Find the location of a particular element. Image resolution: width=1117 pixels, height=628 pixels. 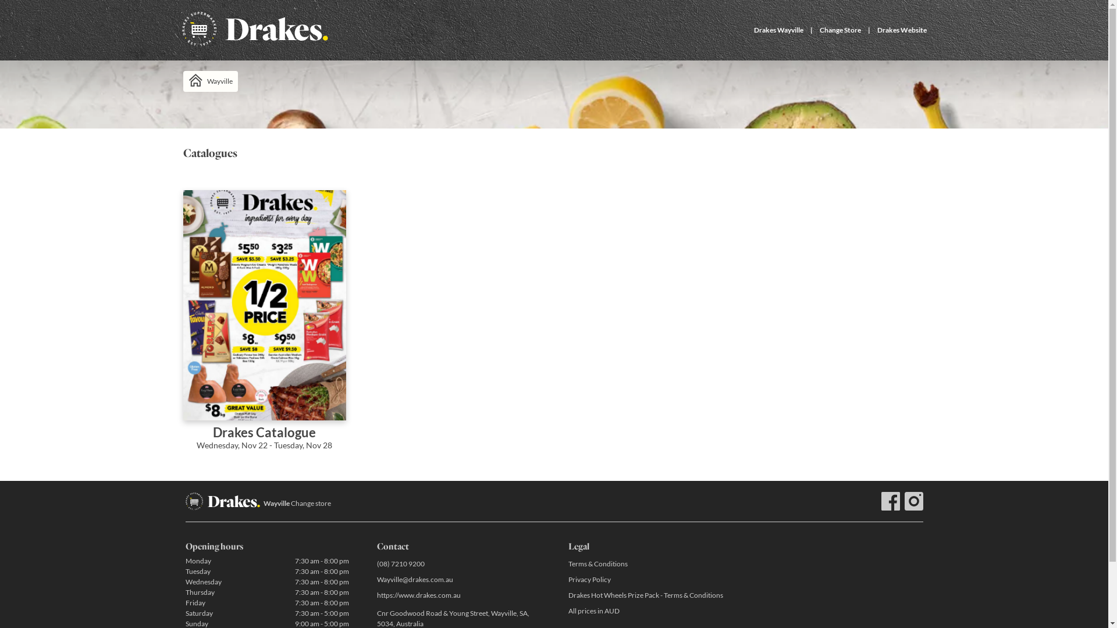

'https://www.drakes.com.au' is located at coordinates (458, 595).